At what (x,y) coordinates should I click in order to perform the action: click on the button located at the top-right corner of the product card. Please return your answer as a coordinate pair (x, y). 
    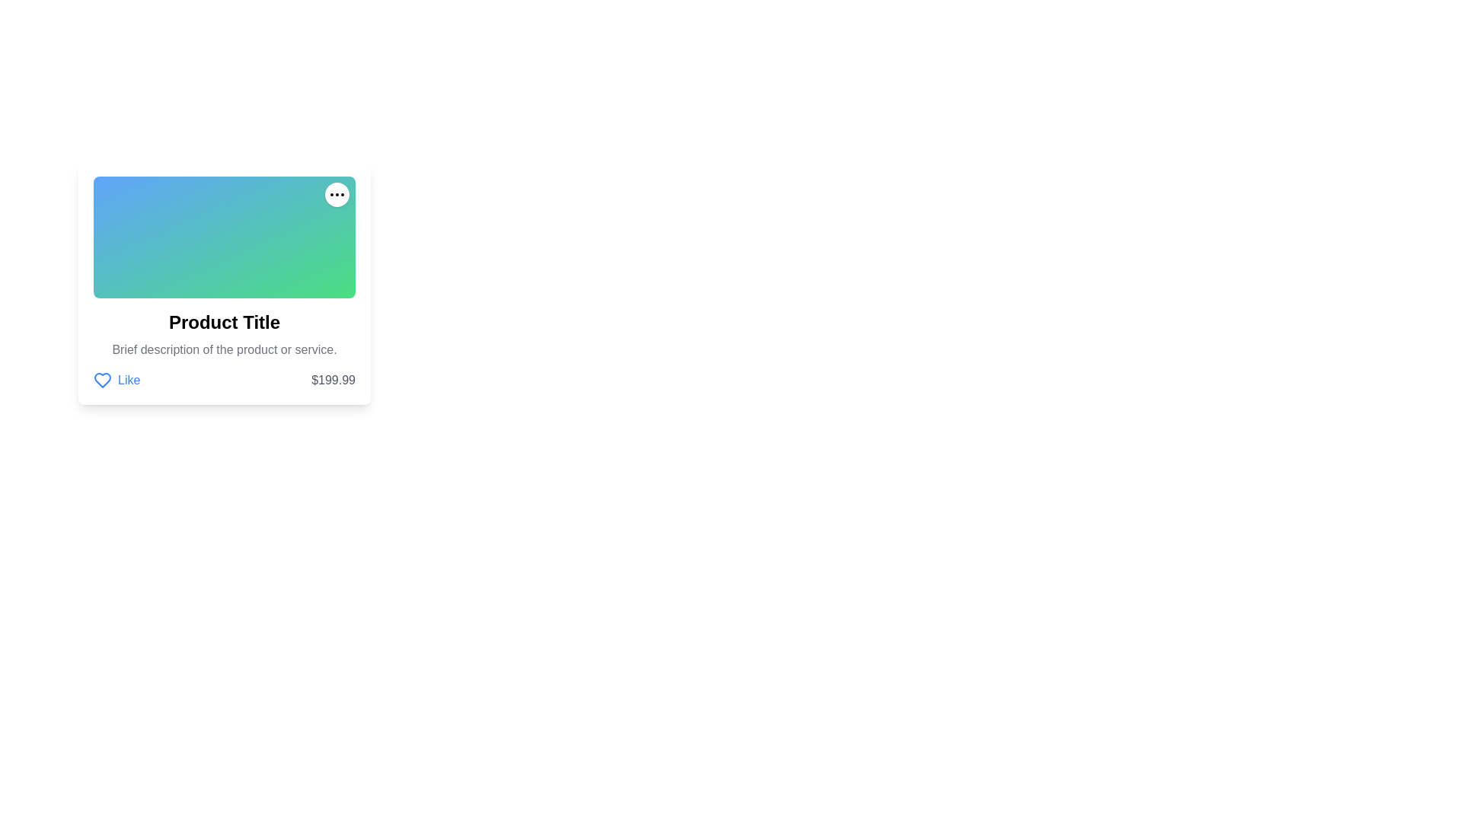
    Looking at the image, I should click on (336, 193).